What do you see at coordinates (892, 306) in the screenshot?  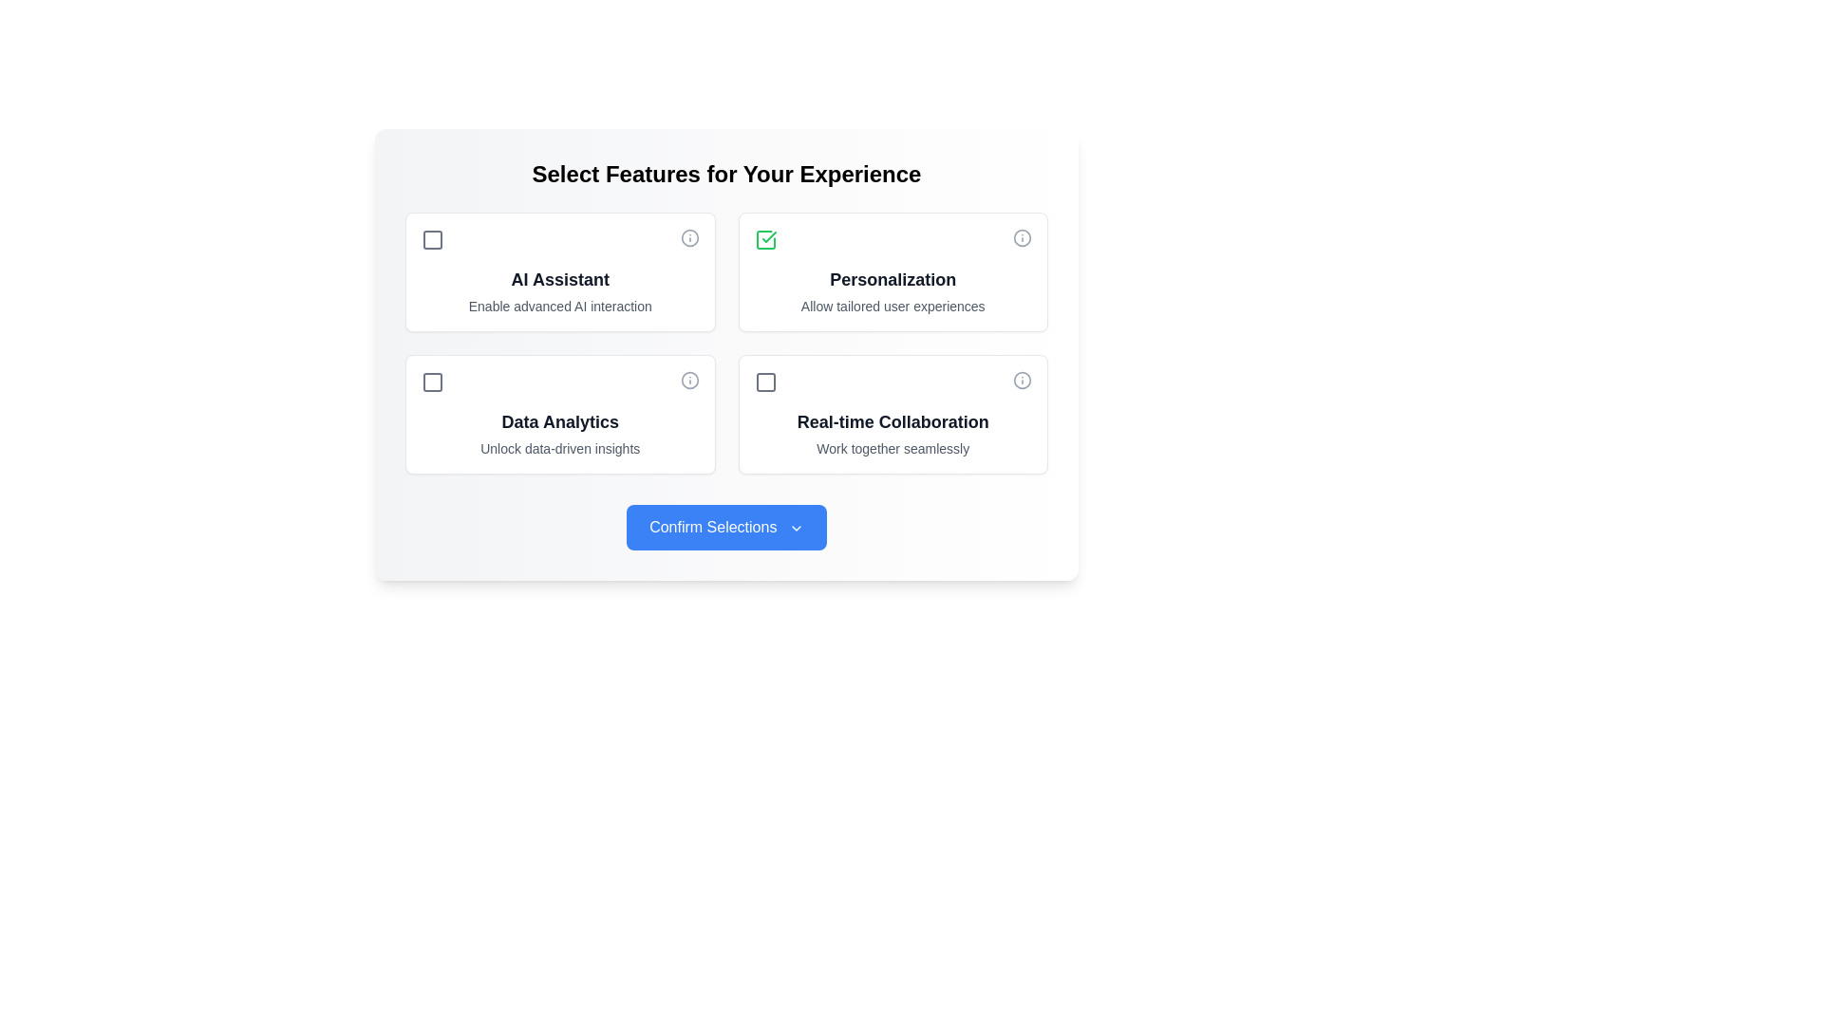 I see `the Text Label that provides descriptive information about the 'Personalization' feature, located beneath the 'Personalization' title` at bounding box center [892, 306].